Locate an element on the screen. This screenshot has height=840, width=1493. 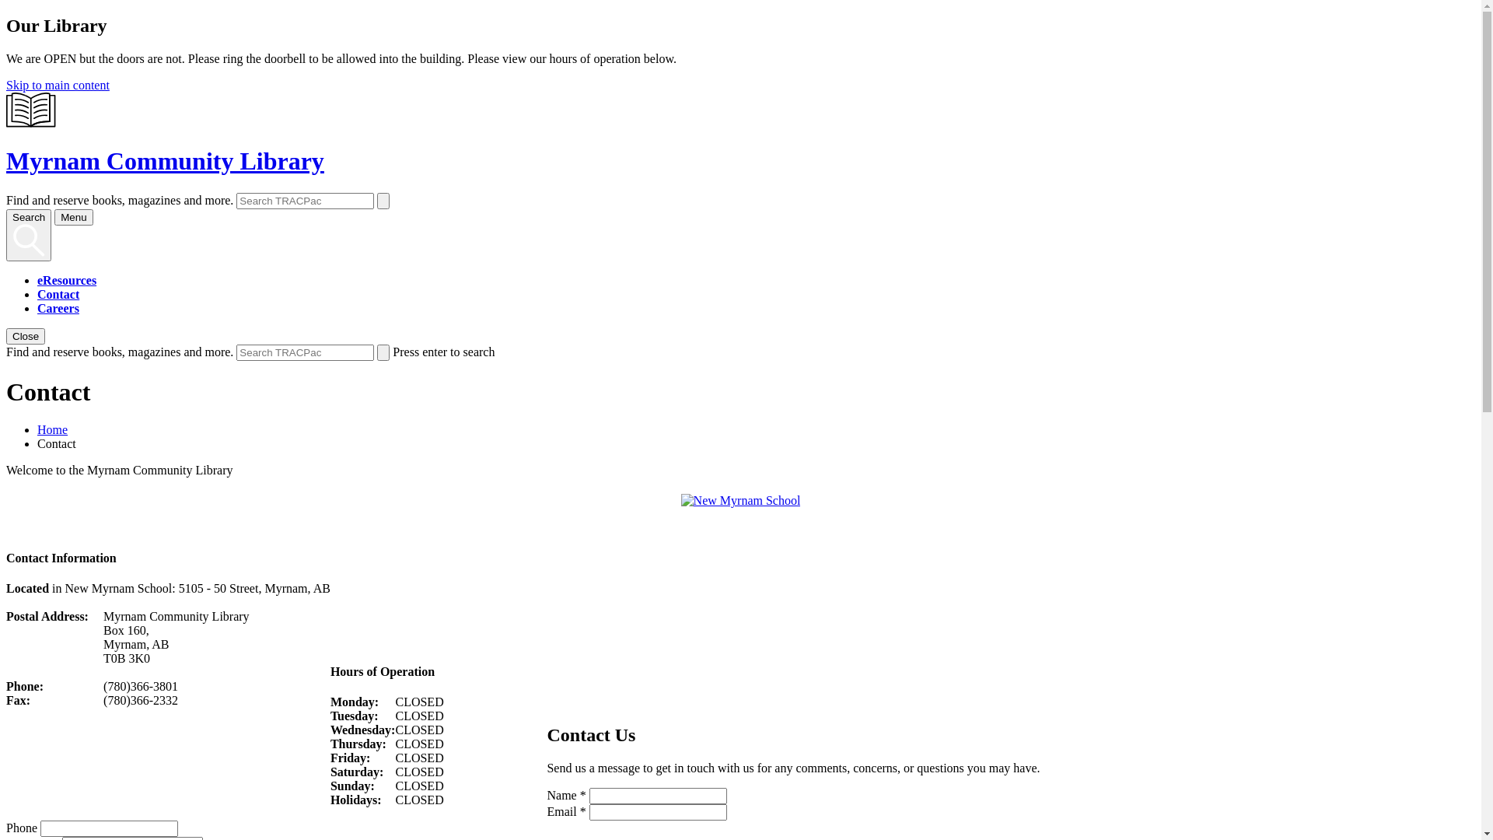
'Close' is located at coordinates (6, 335).